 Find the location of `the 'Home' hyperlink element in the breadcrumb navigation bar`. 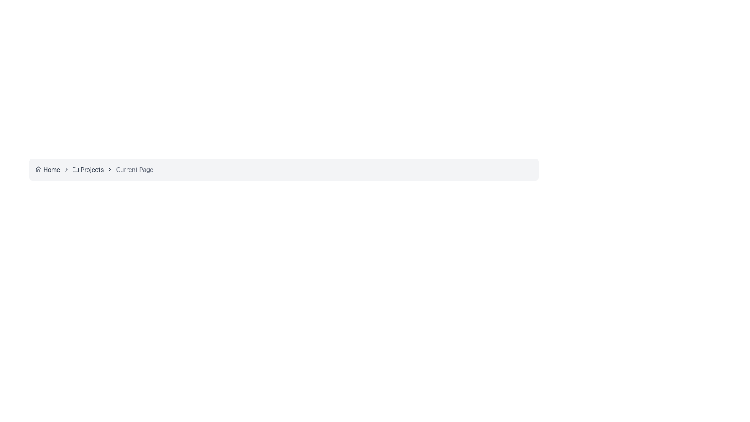

the 'Home' hyperlink element in the breadcrumb navigation bar is located at coordinates (47, 169).